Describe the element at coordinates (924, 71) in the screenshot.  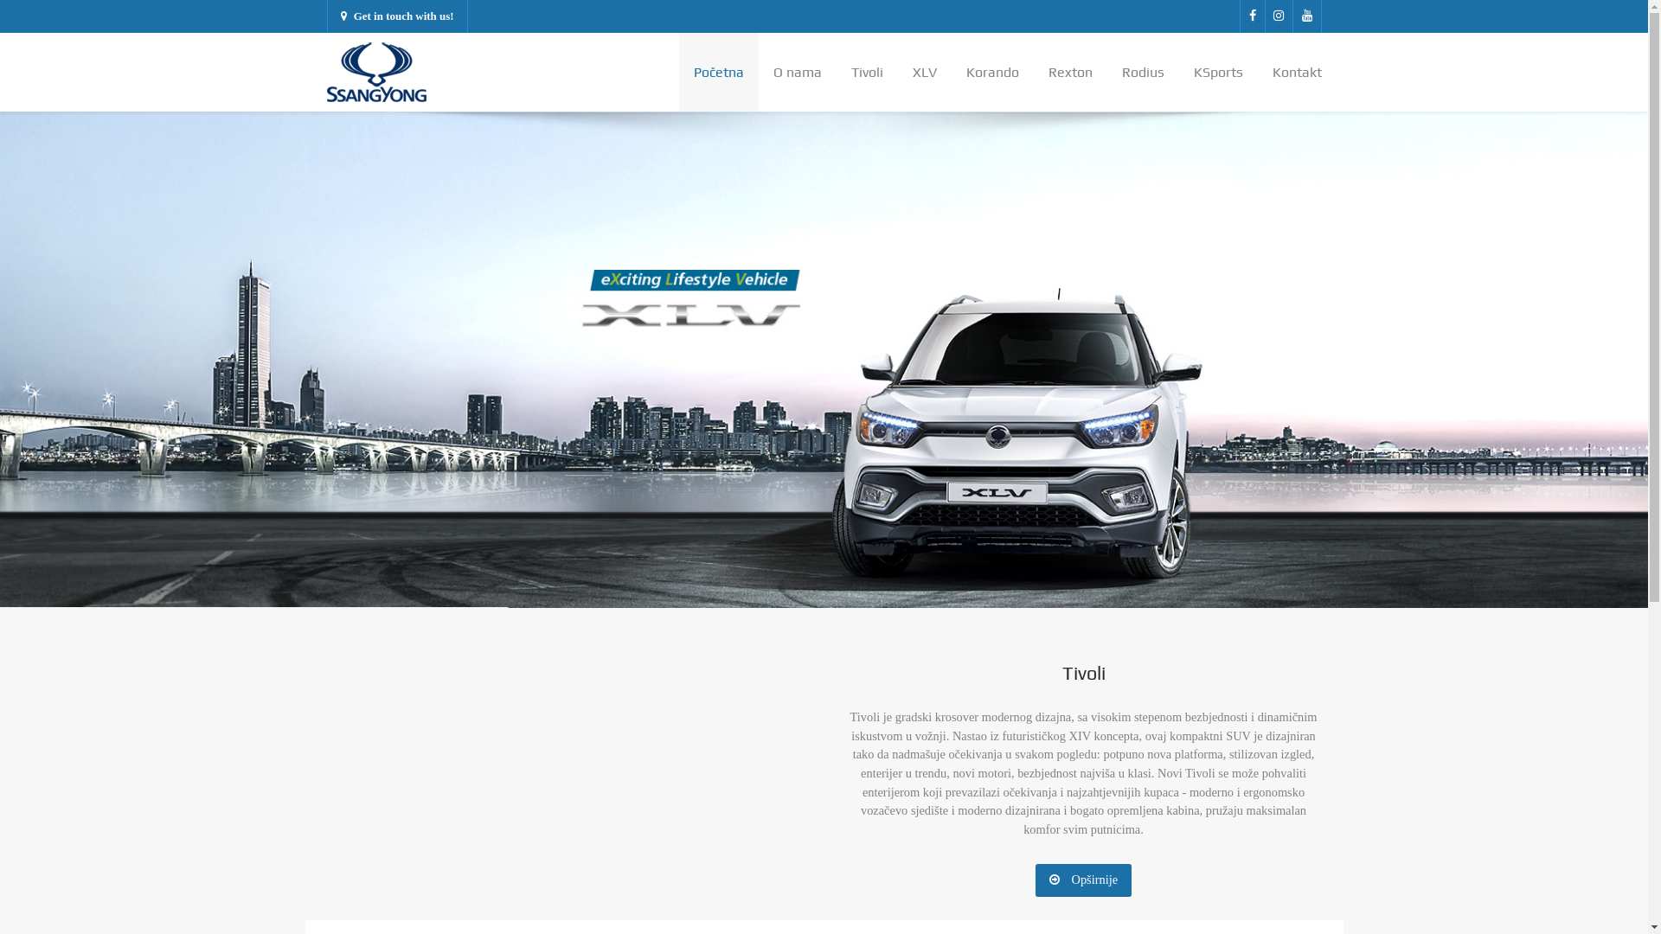
I see `'XLV'` at that location.